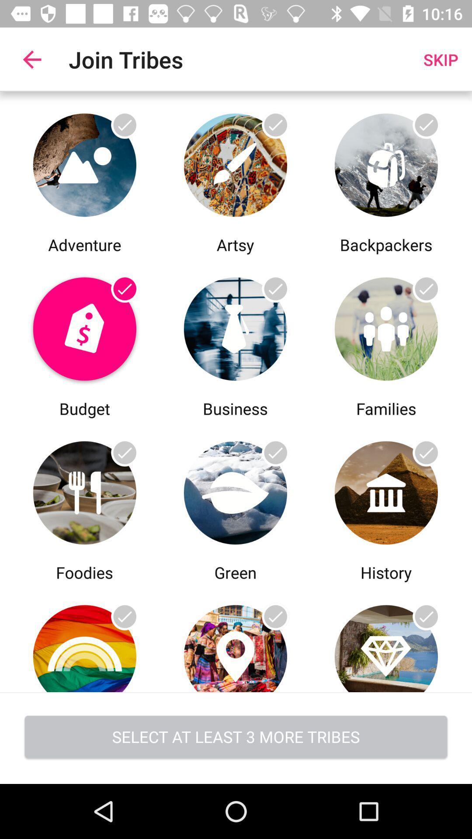 The height and width of the screenshot is (839, 472). I want to click on business category, so click(235, 326).